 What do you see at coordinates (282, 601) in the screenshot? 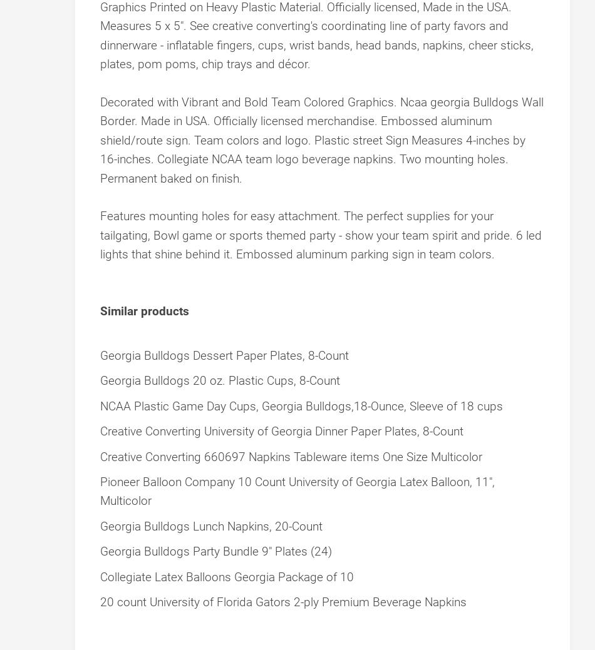
I see `'20 count University of Florida Gators 2-ply Premium Beverage Napkins'` at bounding box center [282, 601].